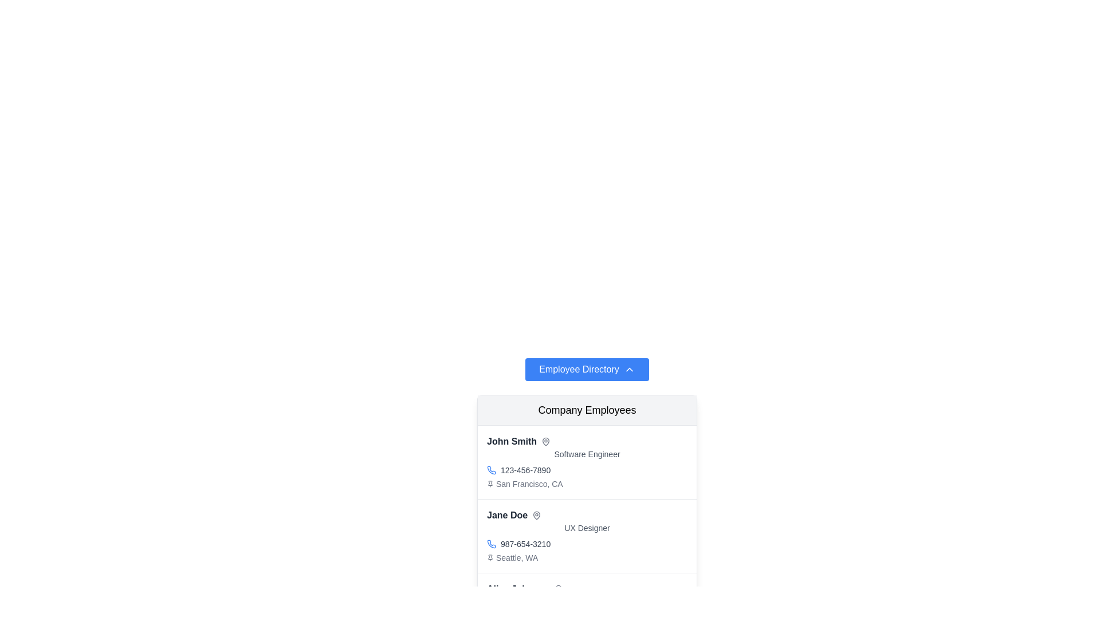  I want to click on the phone icon which signifies a contact number, located to the immediate left of the phone number text, so click(492, 470).